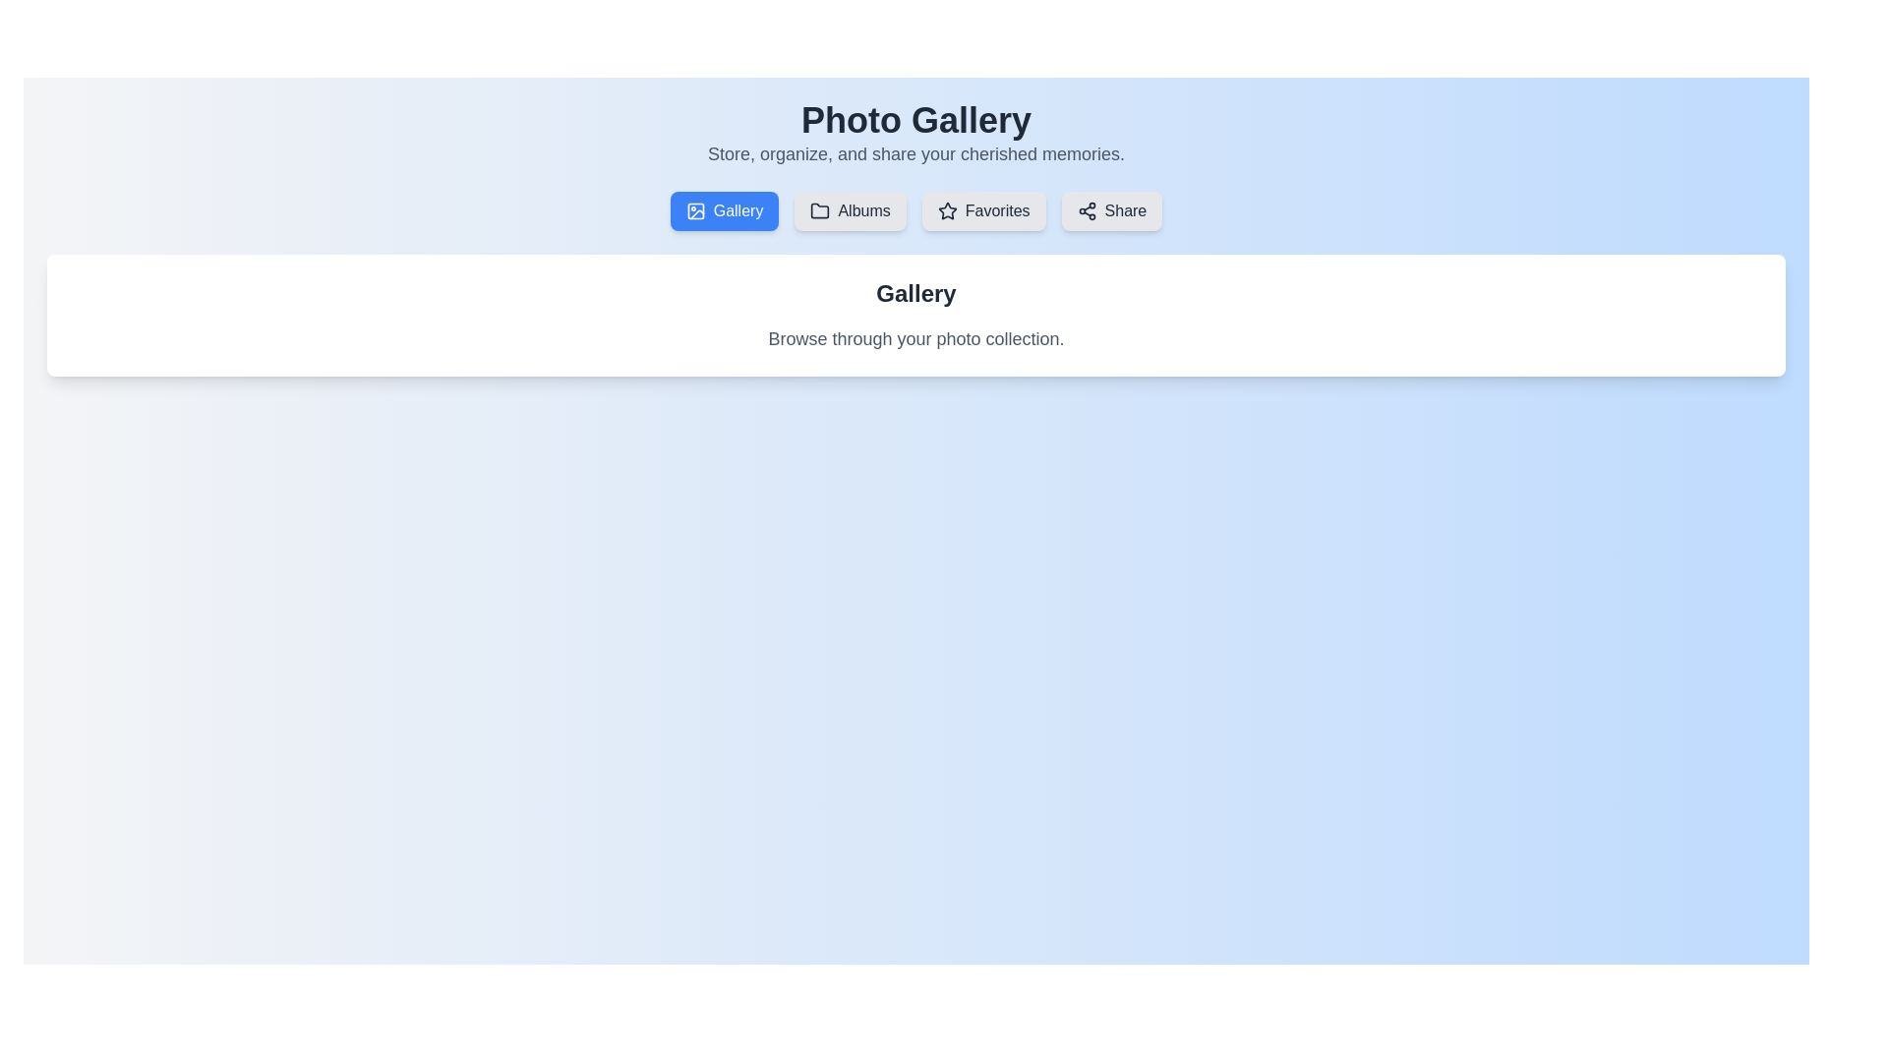 The image size is (1888, 1062). What do you see at coordinates (1112, 211) in the screenshot?
I see `the tab labeled Share` at bounding box center [1112, 211].